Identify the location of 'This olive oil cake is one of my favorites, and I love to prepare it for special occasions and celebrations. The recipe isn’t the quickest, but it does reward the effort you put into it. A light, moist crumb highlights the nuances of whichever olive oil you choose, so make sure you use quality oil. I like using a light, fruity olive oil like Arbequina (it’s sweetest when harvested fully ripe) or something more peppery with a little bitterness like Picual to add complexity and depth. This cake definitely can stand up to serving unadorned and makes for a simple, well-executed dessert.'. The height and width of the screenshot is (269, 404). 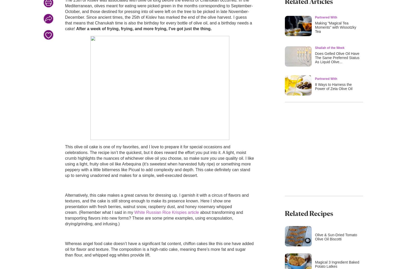
(159, 161).